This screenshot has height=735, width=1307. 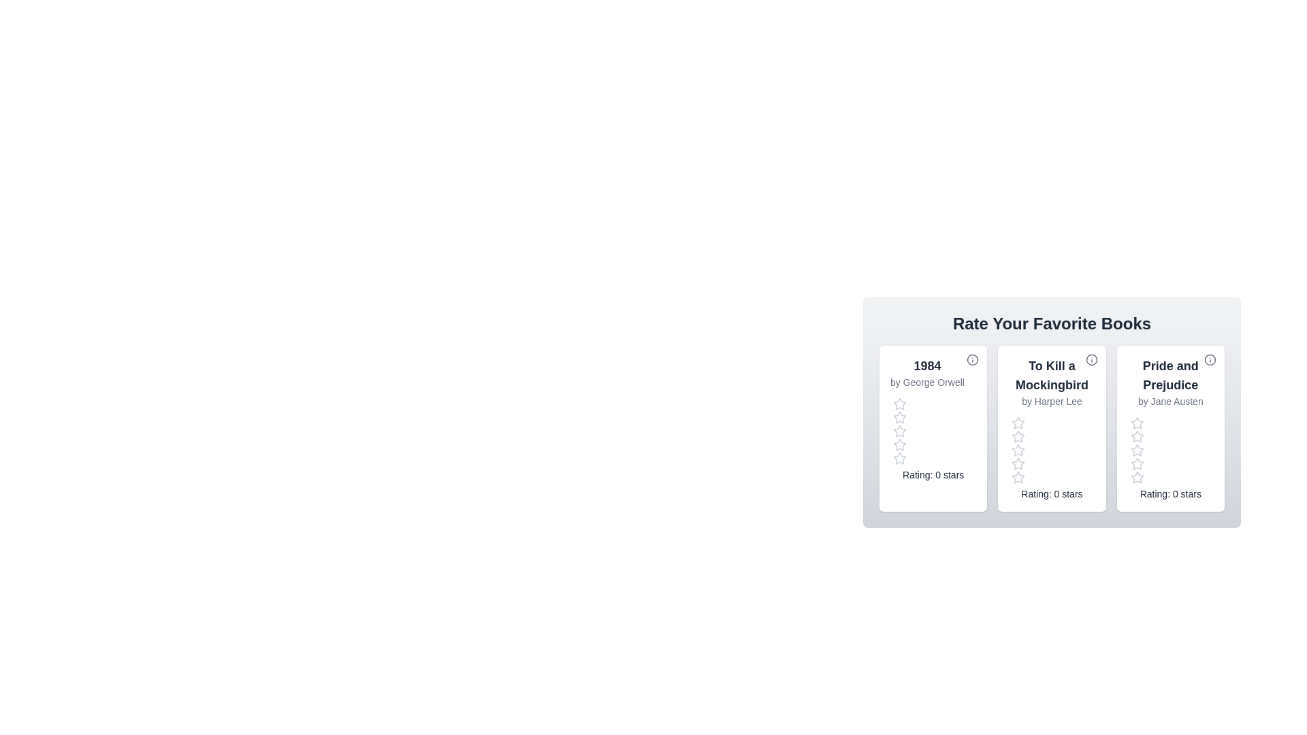 I want to click on the info icon for the book titled '1984' to view its details, so click(x=972, y=359).